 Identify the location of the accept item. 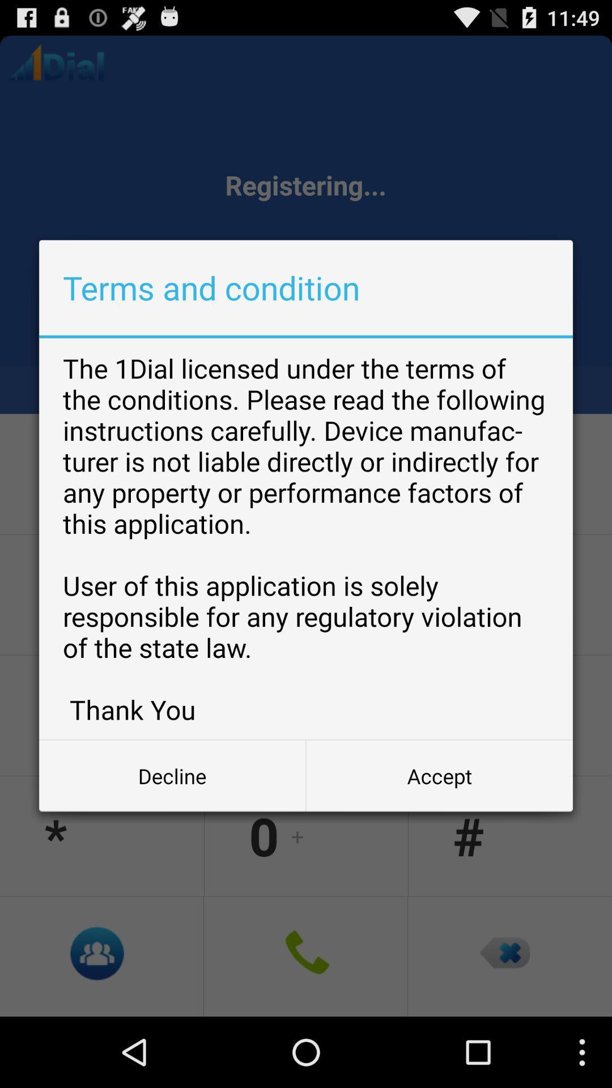
(439, 775).